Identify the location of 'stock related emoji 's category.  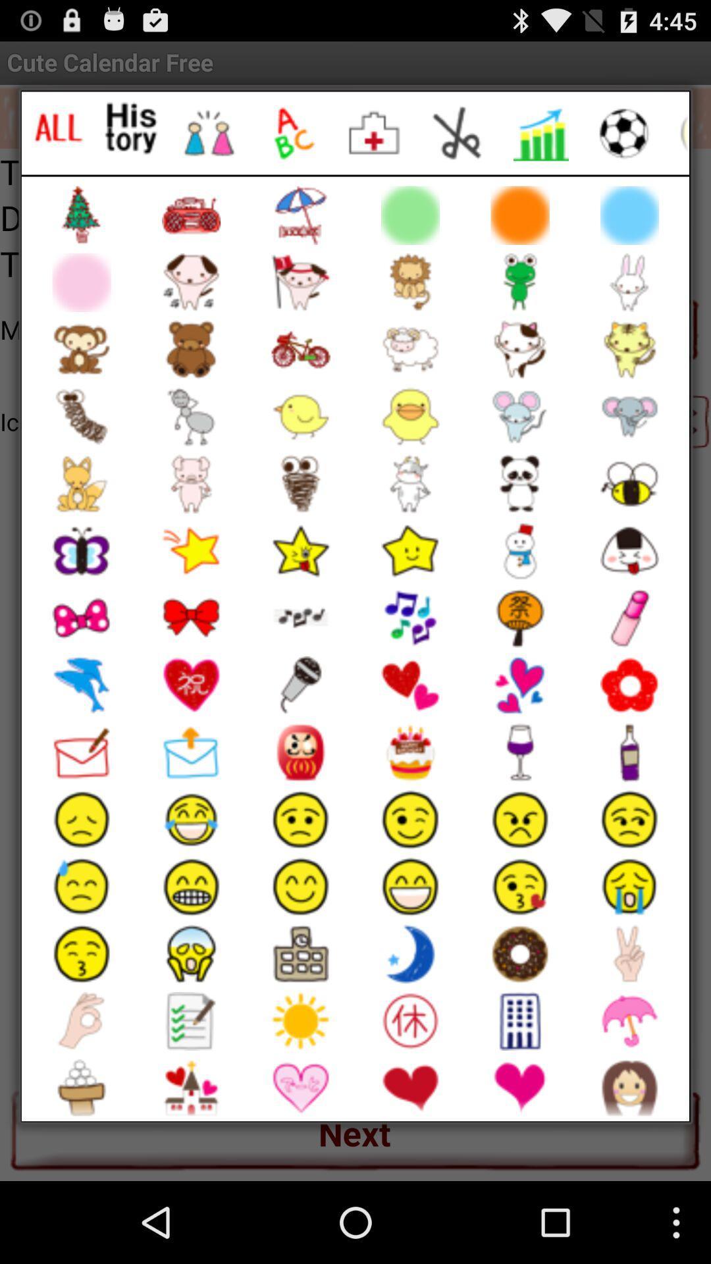
(540, 133).